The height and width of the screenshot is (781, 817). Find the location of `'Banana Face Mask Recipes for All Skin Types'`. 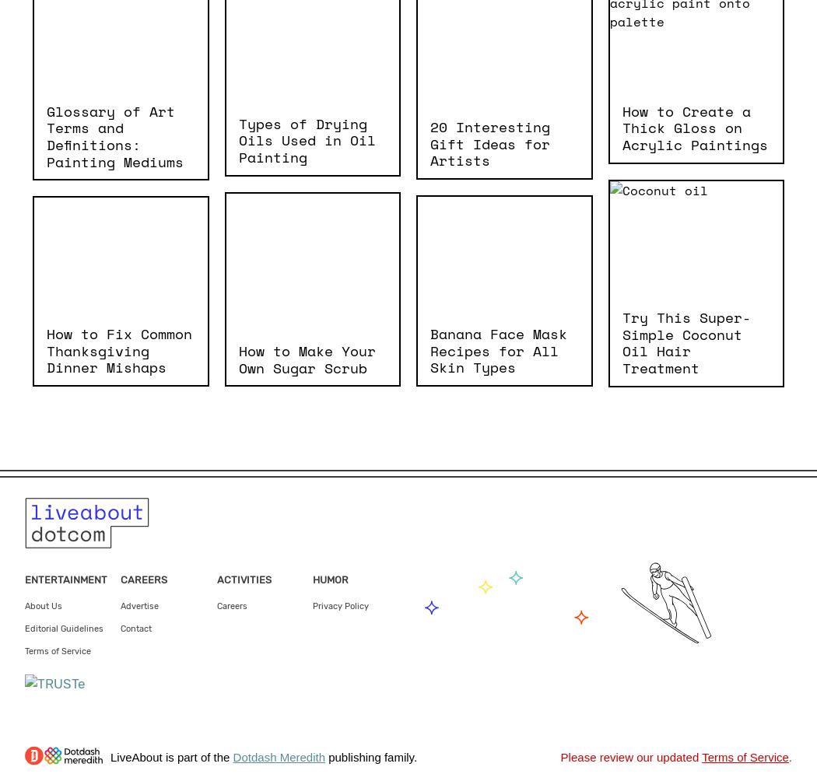

'Banana Face Mask Recipes for All Skin Types' is located at coordinates (498, 349).